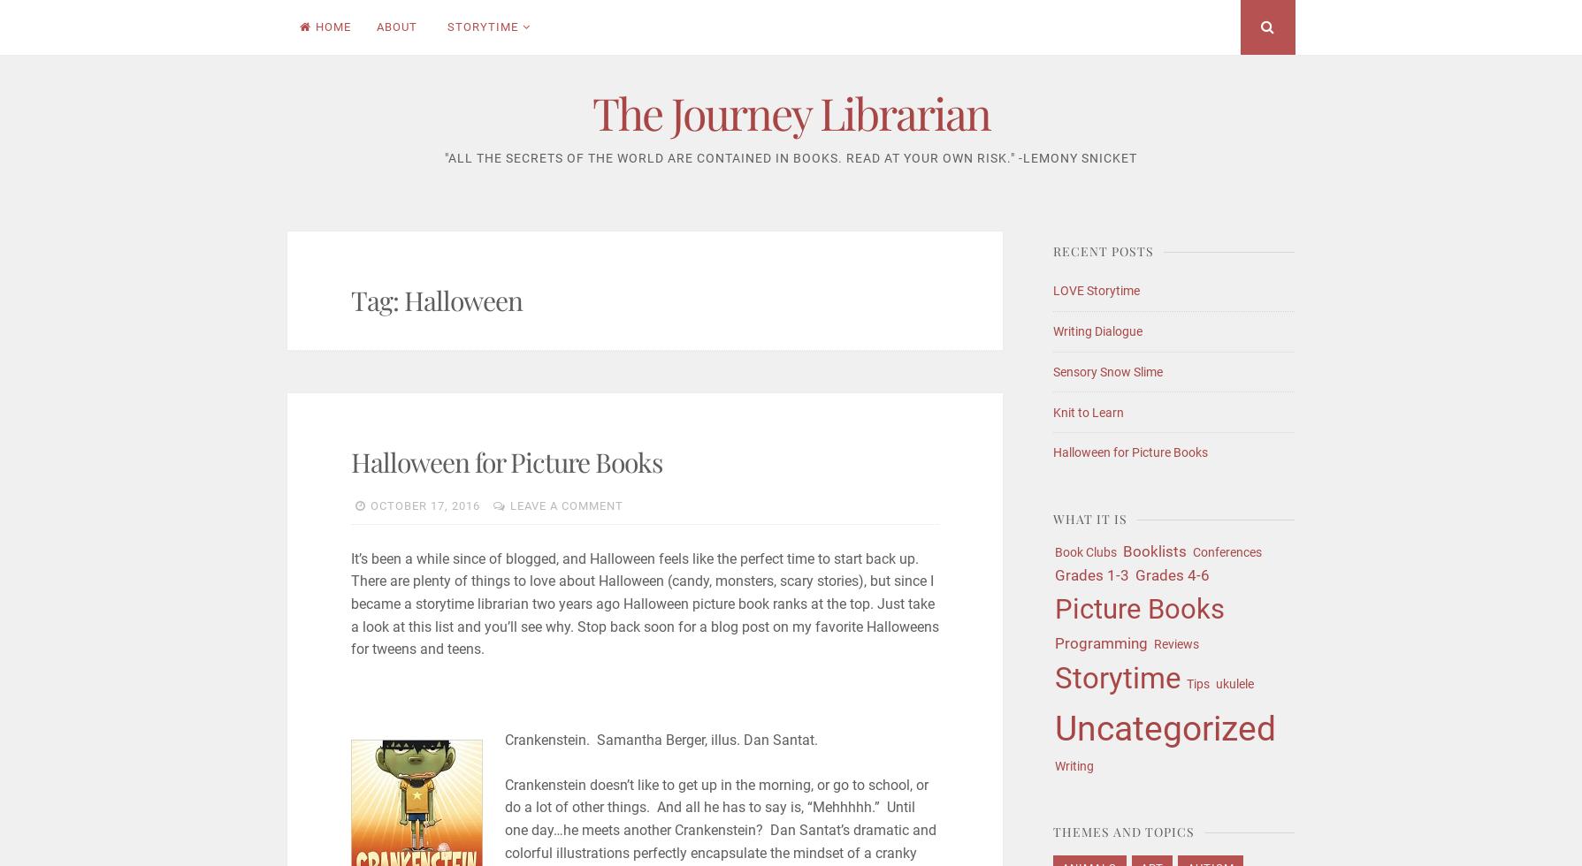 The image size is (1582, 866). I want to click on 'Themes and Topics', so click(1123, 832).